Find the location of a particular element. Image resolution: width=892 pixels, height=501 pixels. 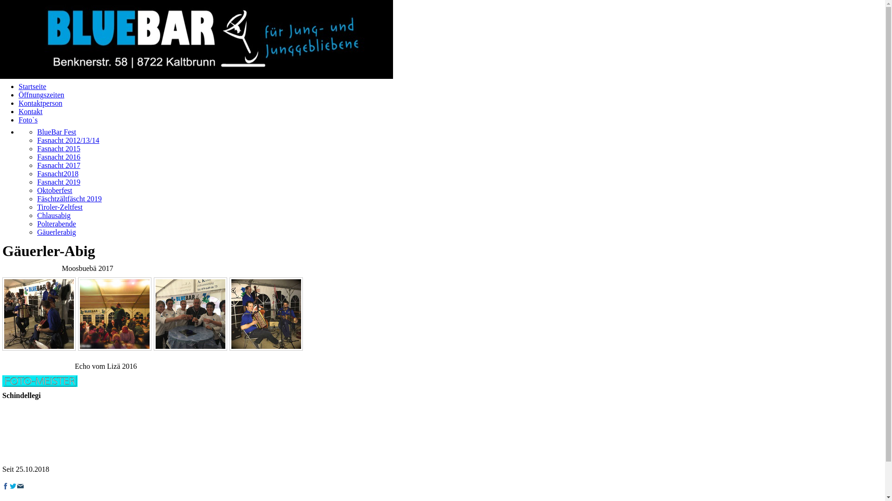

'Fasnacht 2017' is located at coordinates (58, 165).